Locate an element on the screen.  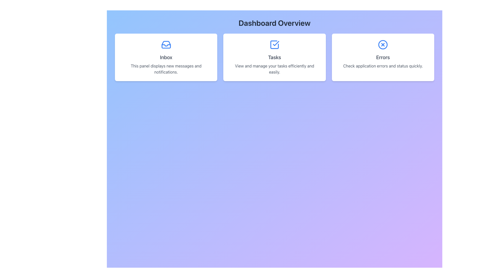
the blue inbox icon located at the top center of the 'Inbox' card is located at coordinates (166, 44).